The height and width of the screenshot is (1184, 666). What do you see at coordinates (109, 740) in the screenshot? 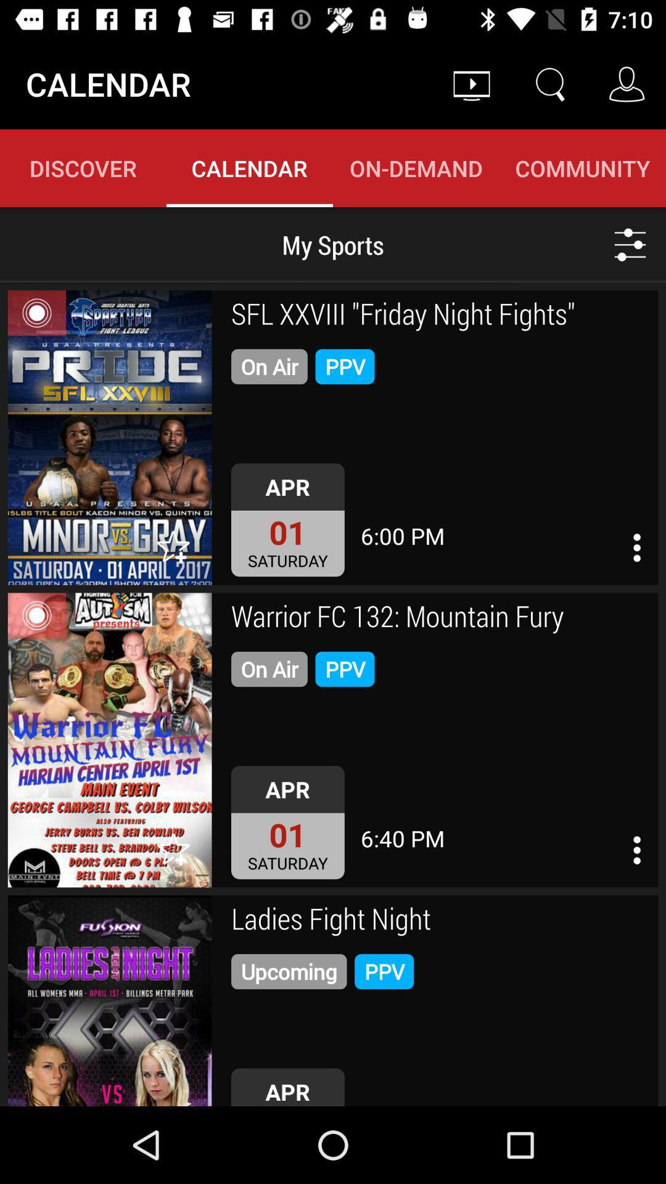
I see `article` at bounding box center [109, 740].